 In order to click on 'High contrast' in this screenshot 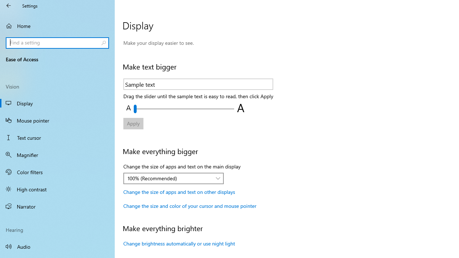, I will do `click(57, 189)`.